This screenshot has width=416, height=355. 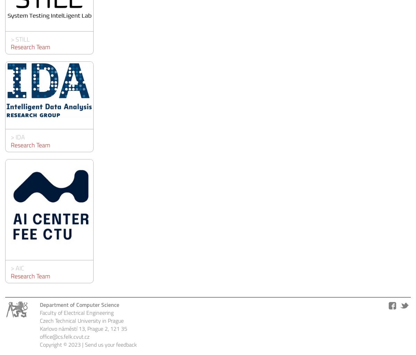 What do you see at coordinates (76, 312) in the screenshot?
I see `'Faculty of Electrical Engineering'` at bounding box center [76, 312].